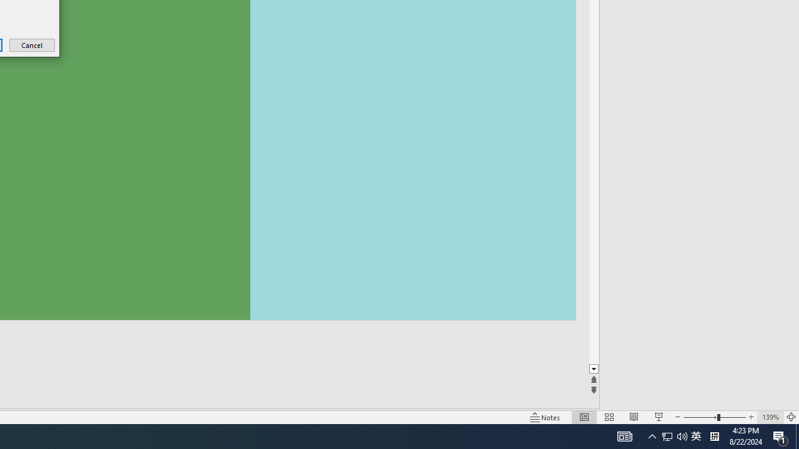 This screenshot has height=449, width=799. I want to click on 'Zoom to Fit ', so click(790, 417).